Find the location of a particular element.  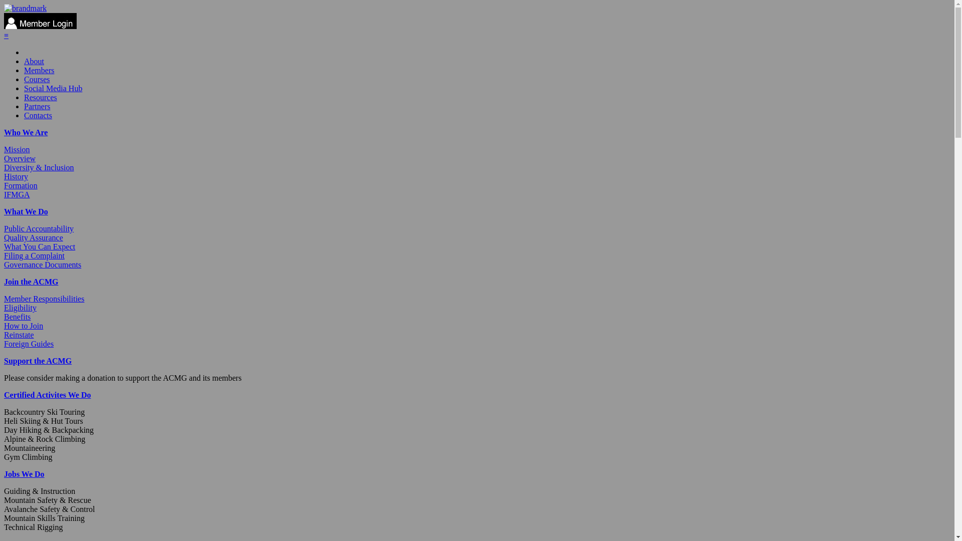

'Governance Documents' is located at coordinates (42, 264).